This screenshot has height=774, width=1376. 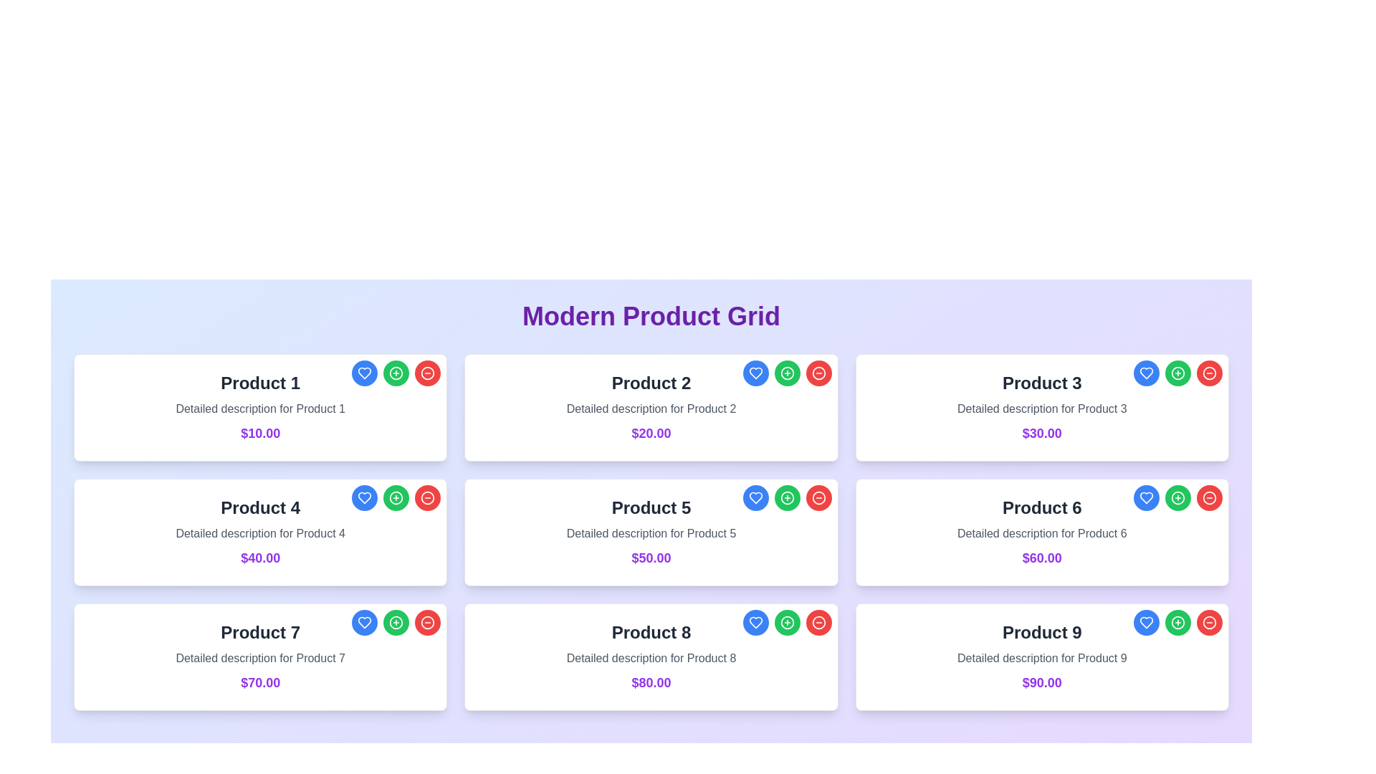 I want to click on the informational text label associated with 'Product 6', located in the sixth product card of a 3x3 grid layout, positioned beneath the product title and above the price, so click(x=1042, y=533).